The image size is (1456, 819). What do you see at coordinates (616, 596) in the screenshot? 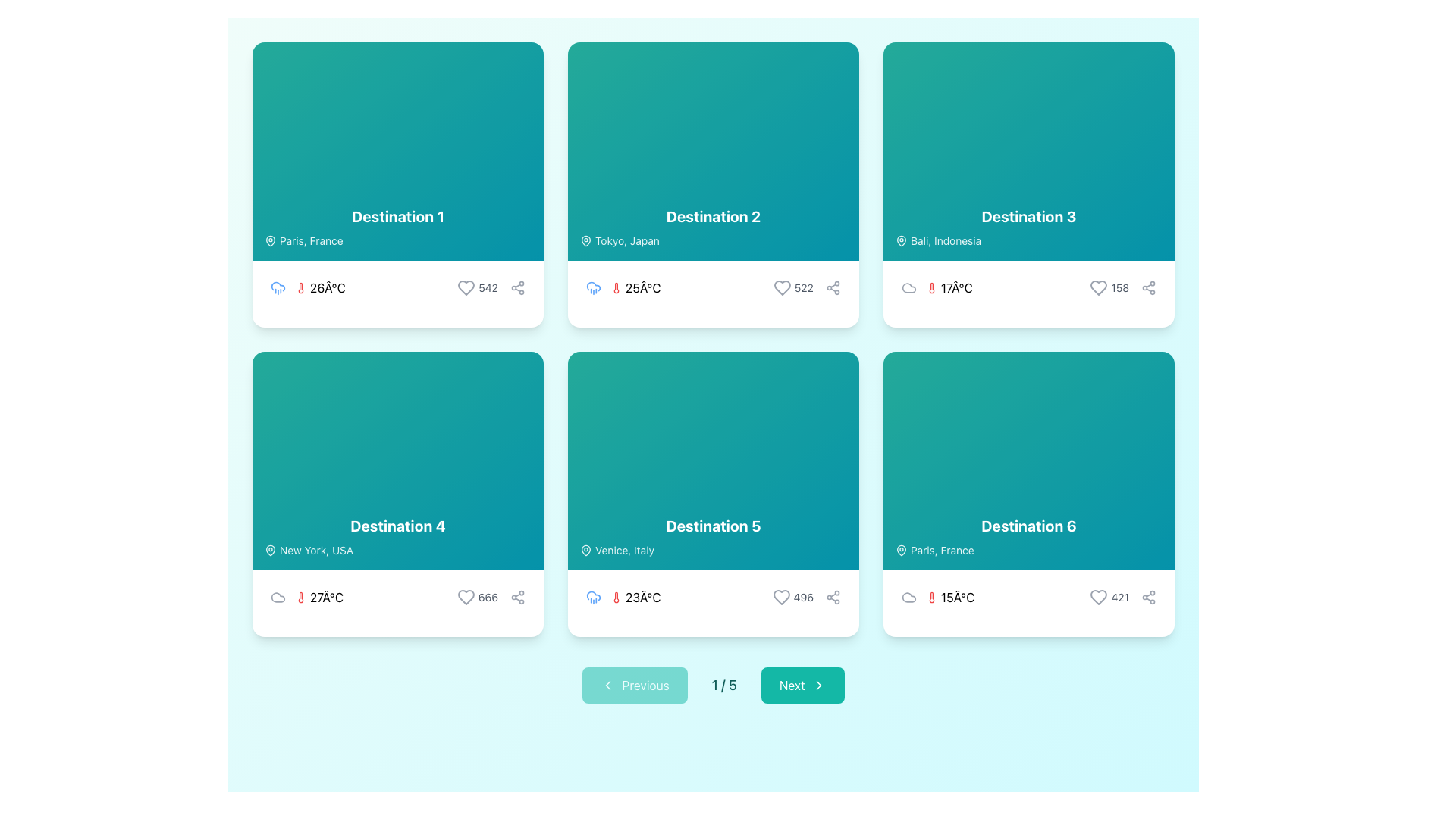
I see `the small red thermometer icon located to the left of the text '23°C' in the fifth card of the grid layout` at bounding box center [616, 596].